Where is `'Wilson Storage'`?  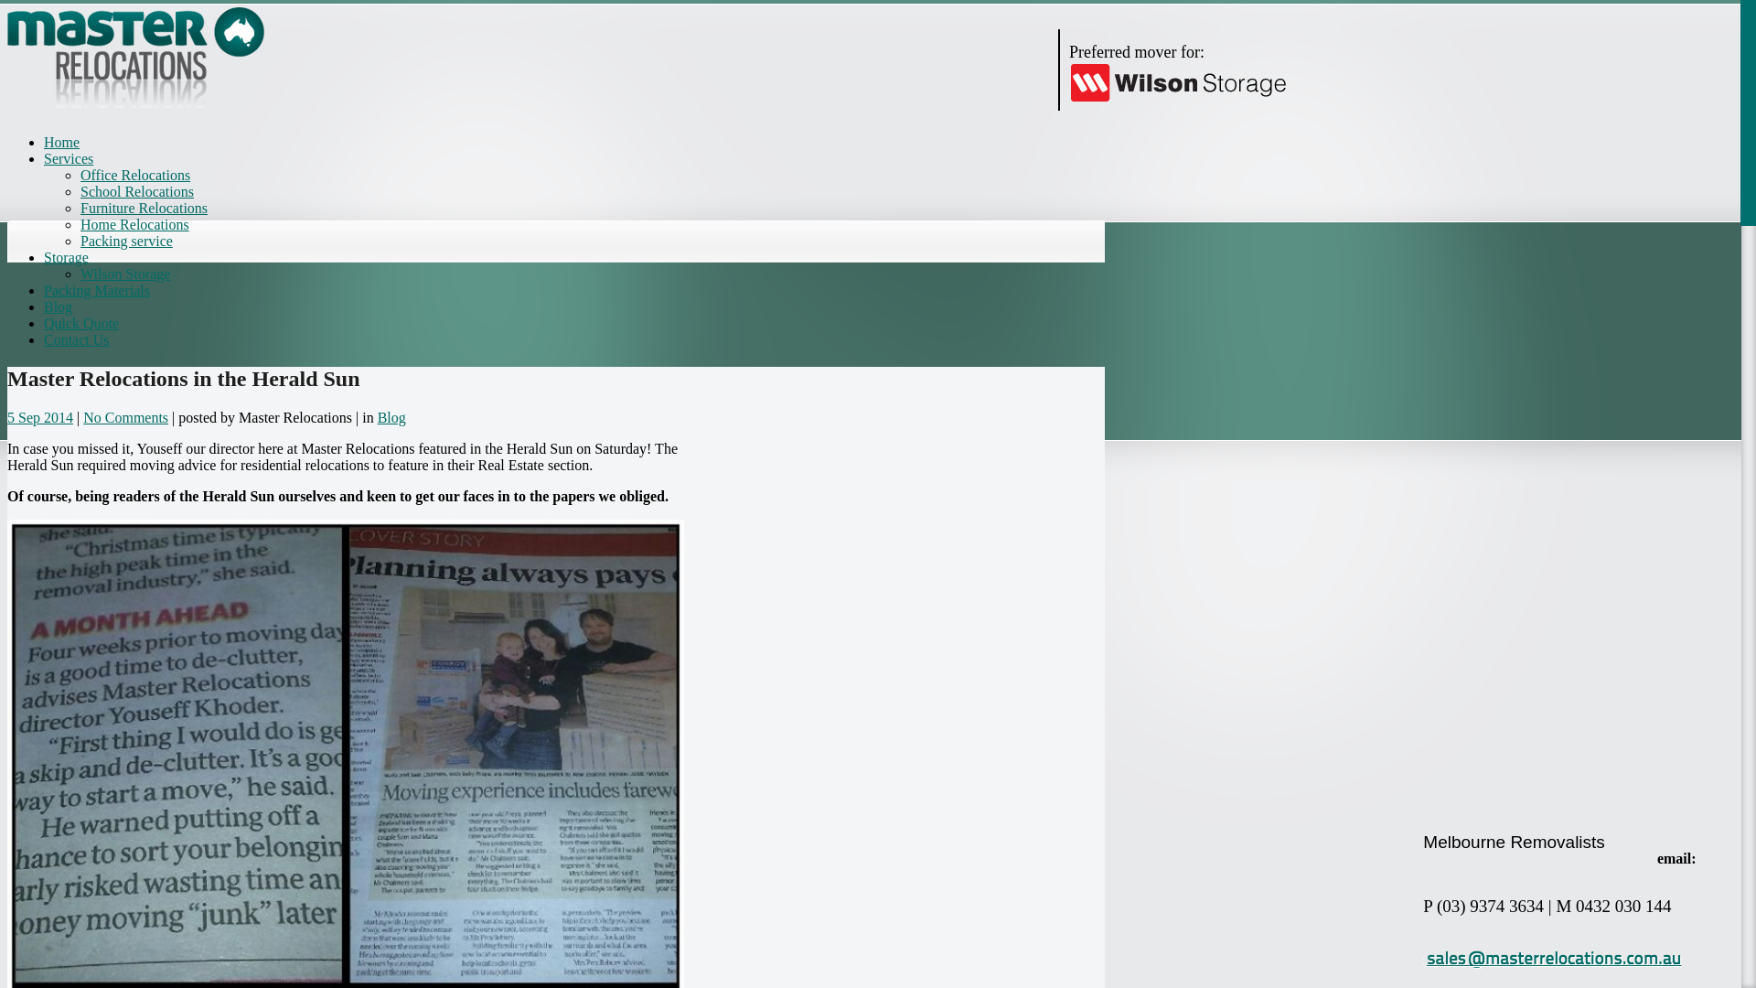 'Wilson Storage' is located at coordinates (124, 274).